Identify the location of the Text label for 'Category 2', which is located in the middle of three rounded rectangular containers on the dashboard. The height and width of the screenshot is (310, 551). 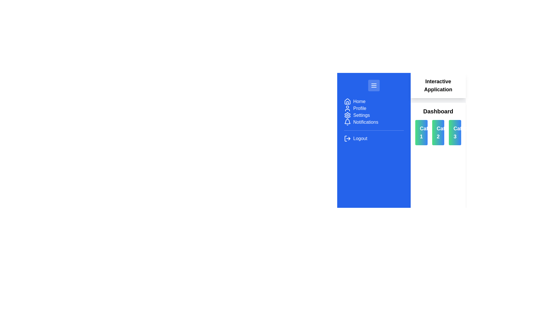
(438, 133).